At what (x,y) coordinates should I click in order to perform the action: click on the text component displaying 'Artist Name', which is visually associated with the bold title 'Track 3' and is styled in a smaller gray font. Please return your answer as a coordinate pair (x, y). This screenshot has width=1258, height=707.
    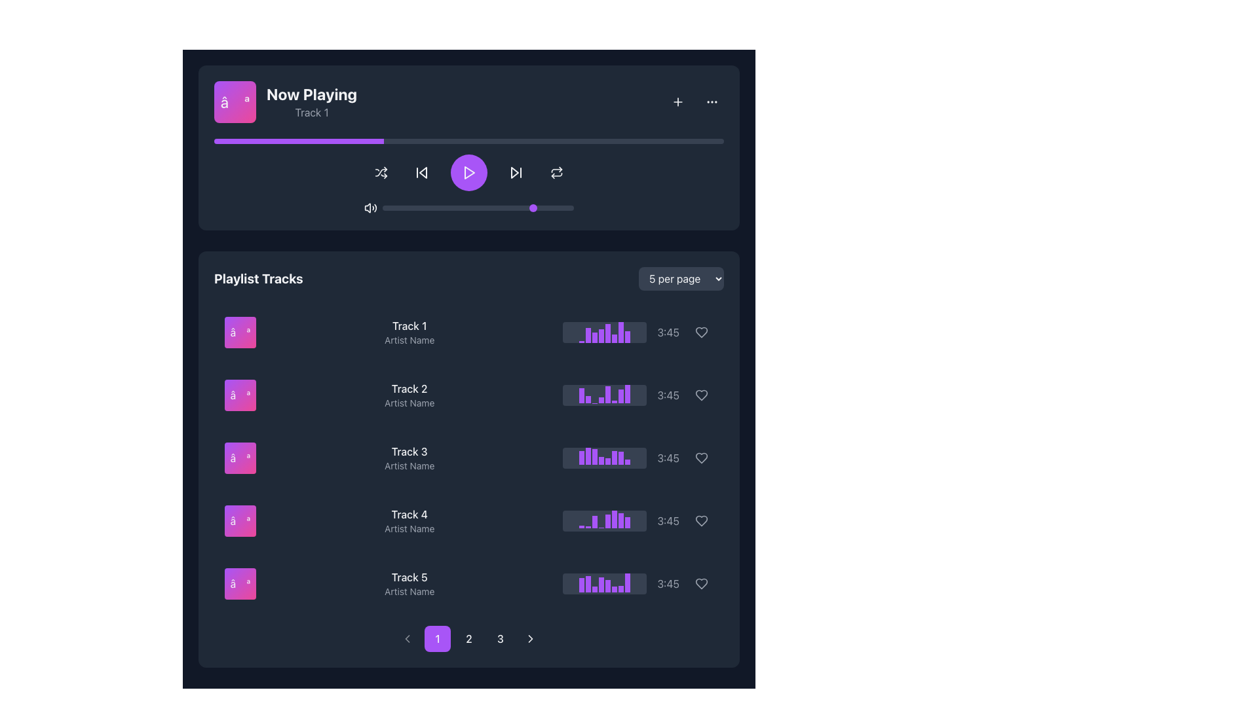
    Looking at the image, I should click on (409, 465).